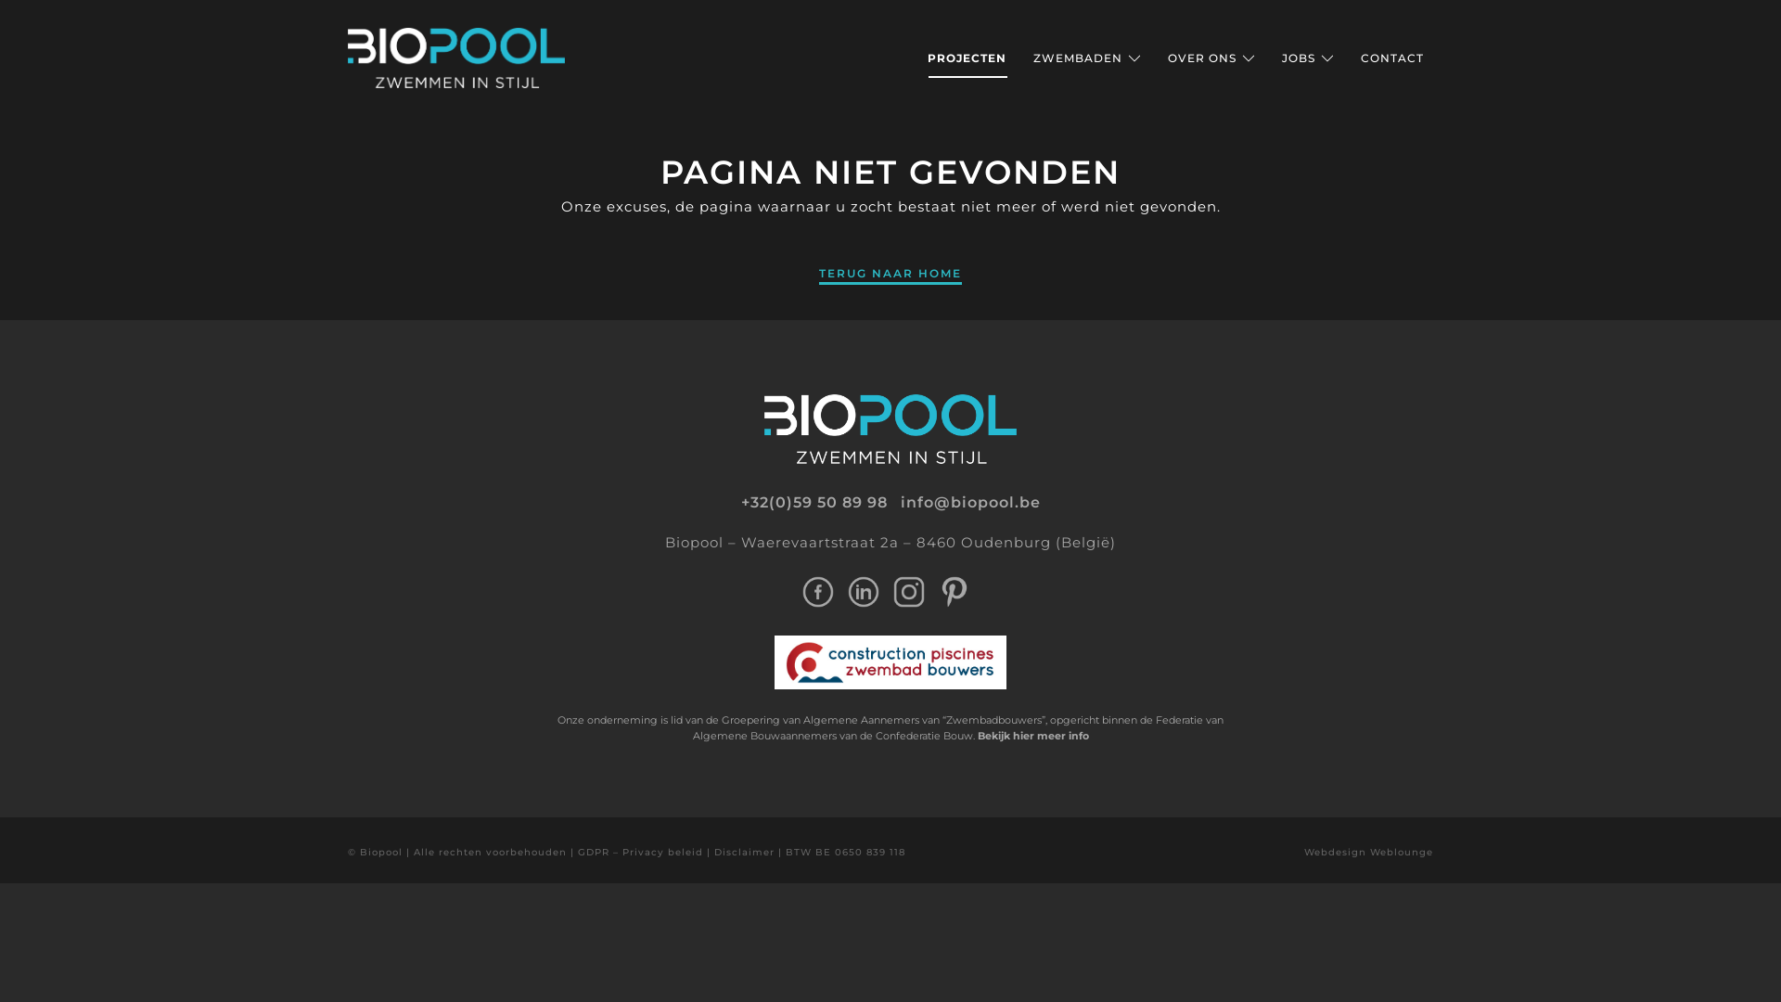 The width and height of the screenshot is (1781, 1002). Describe the element at coordinates (814, 503) in the screenshot. I see `'+32(0)59 50 89 98'` at that location.